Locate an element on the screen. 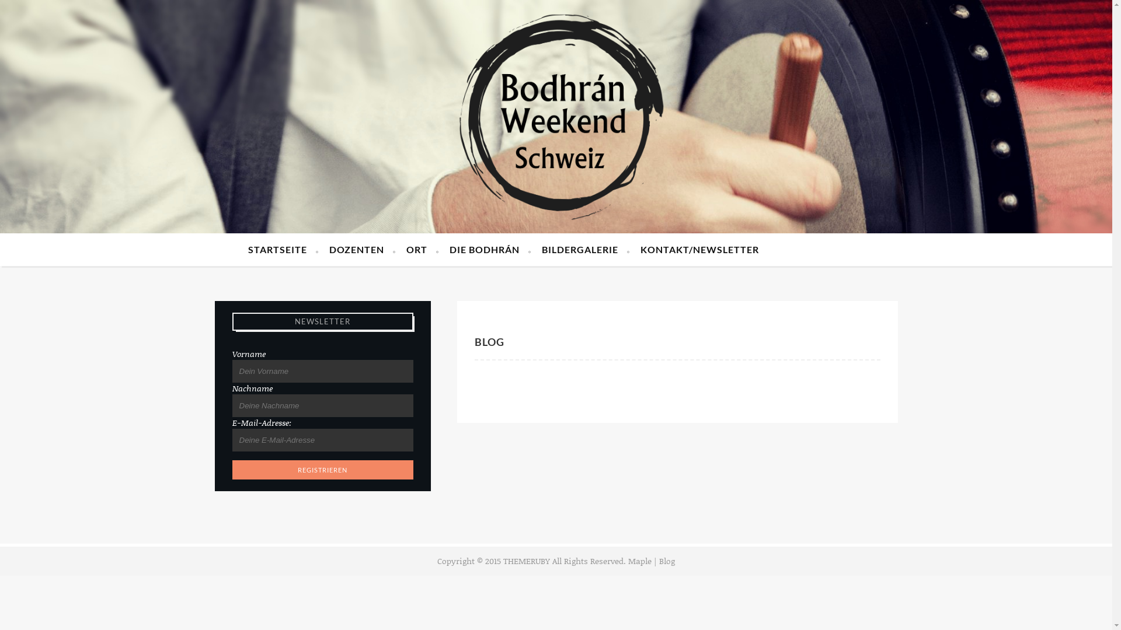  'STARTSEITE' is located at coordinates (248, 249).